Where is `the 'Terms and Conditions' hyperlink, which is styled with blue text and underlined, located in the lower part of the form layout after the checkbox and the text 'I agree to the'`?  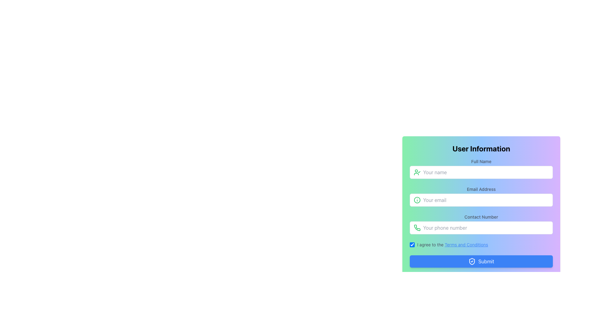
the 'Terms and Conditions' hyperlink, which is styled with blue text and underlined, located in the lower part of the form layout after the checkbox and the text 'I agree to the' is located at coordinates (466, 244).